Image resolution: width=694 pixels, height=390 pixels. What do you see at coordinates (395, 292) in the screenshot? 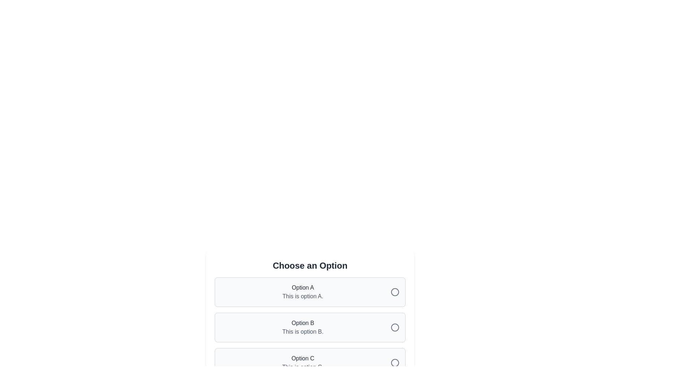
I see `the circular SVG graphic icon located within the 'Option A' panel, which is styled as a hollow circle with a stroke and is part of a clickable UI control` at bounding box center [395, 292].